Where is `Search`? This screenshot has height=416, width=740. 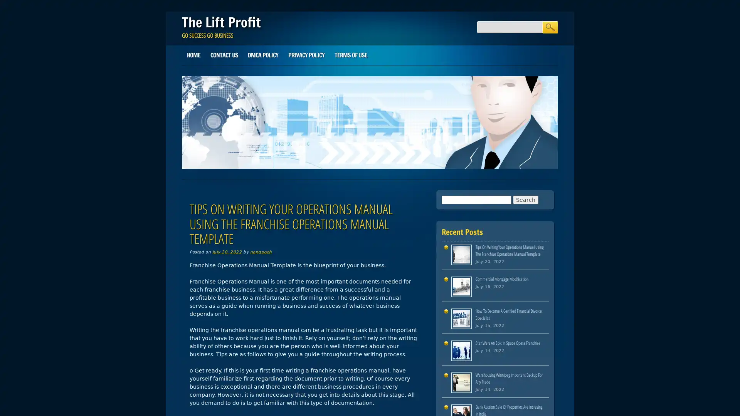 Search is located at coordinates (549, 27).